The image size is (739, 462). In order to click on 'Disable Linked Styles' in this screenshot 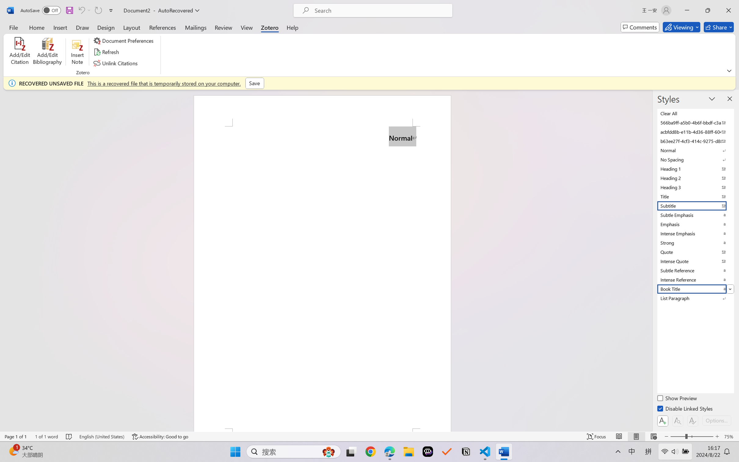, I will do `click(685, 409)`.